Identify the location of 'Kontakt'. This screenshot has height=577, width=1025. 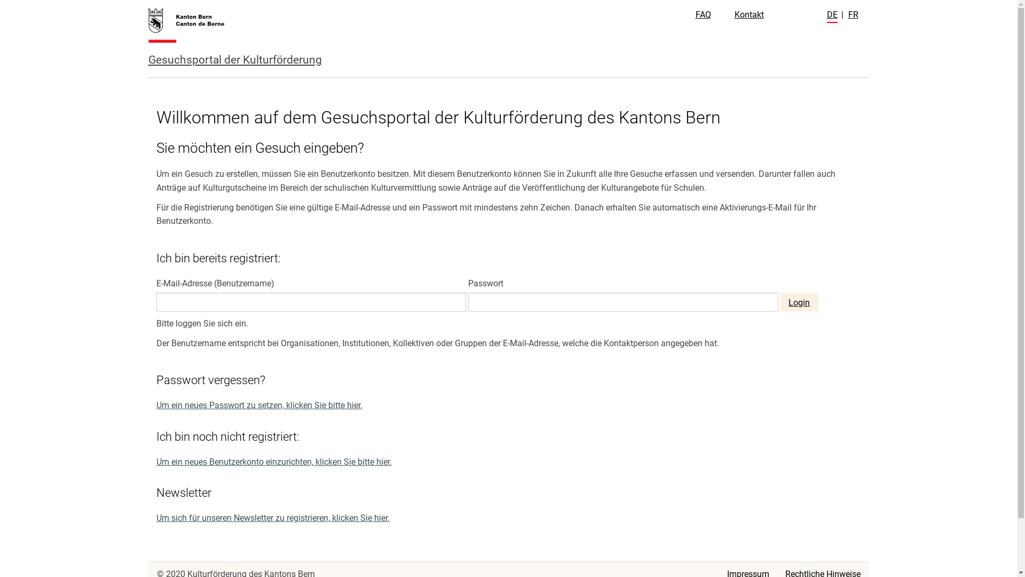
(748, 14).